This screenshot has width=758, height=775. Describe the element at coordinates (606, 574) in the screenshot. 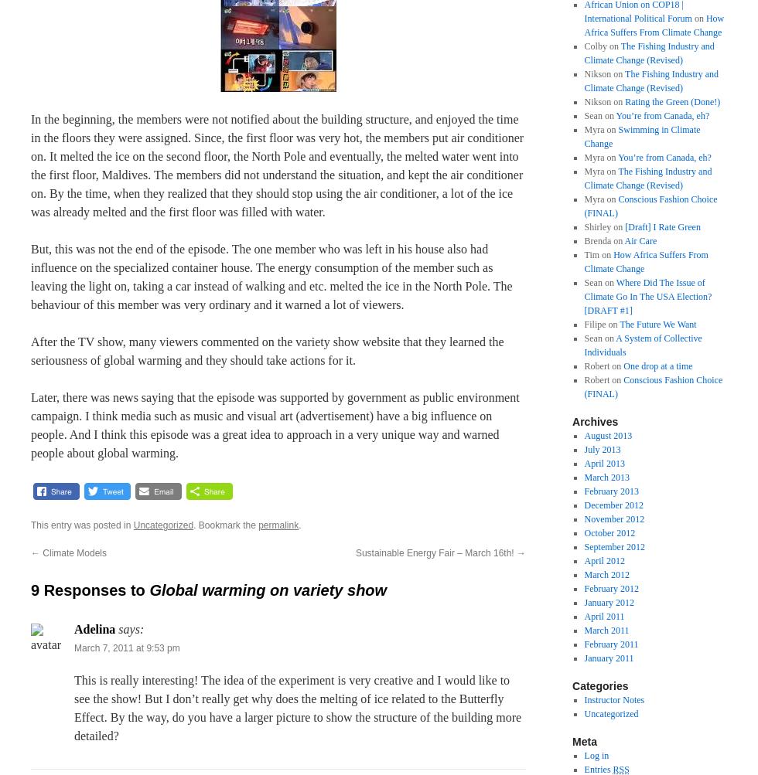

I see `'March 2012'` at that location.